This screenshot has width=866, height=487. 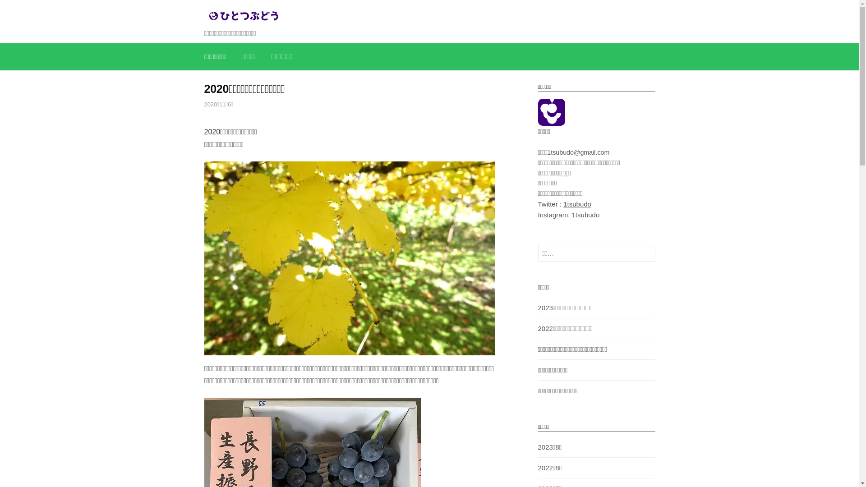 I want to click on '1tsubudo', so click(x=577, y=204).